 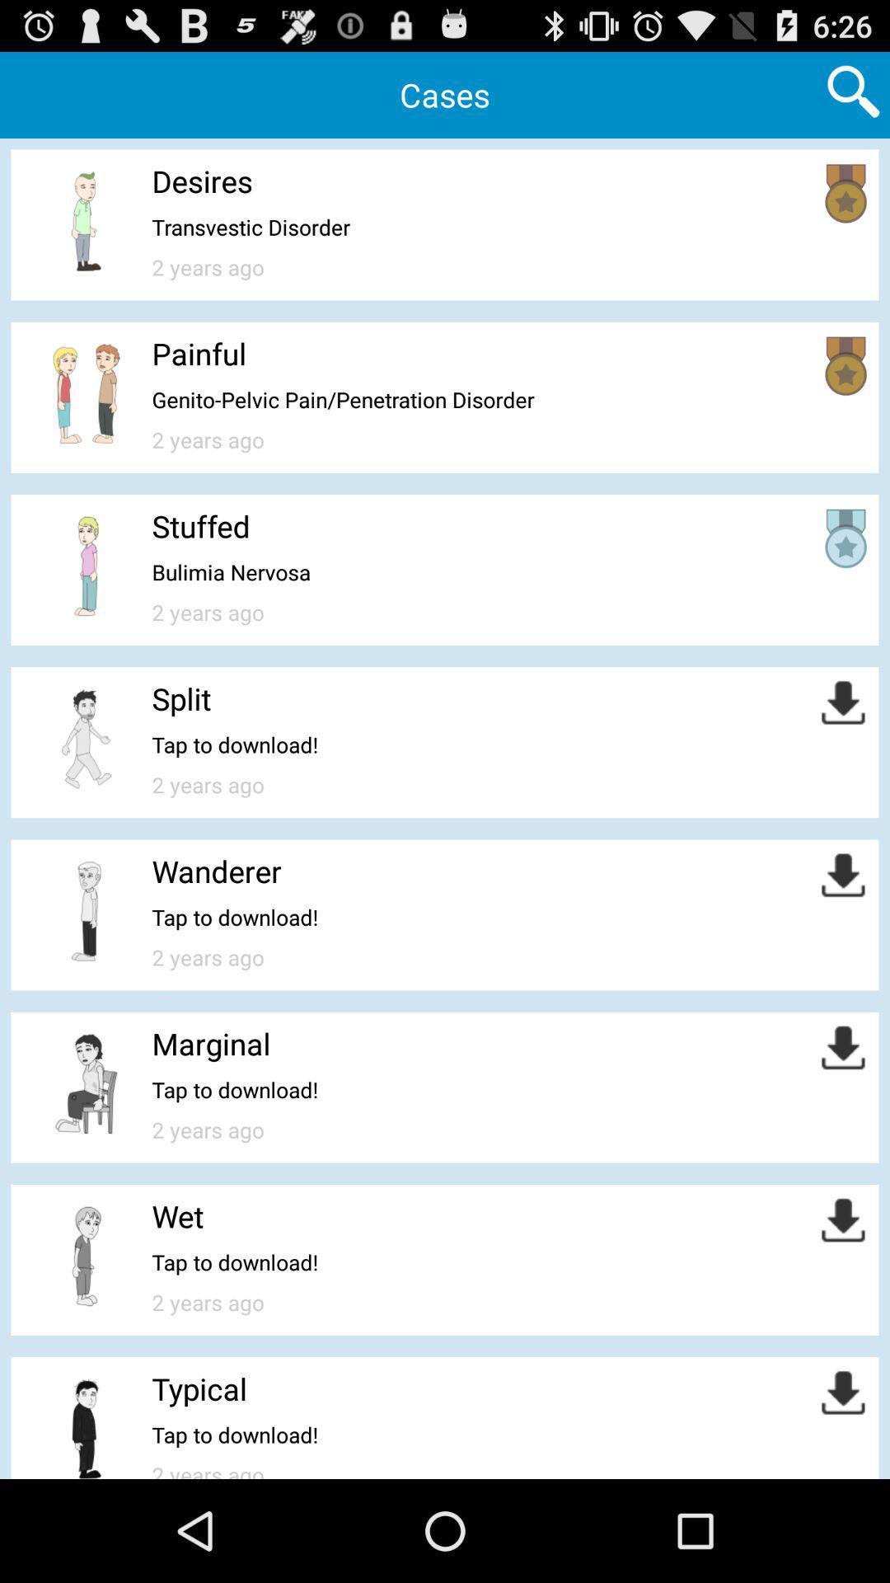 What do you see at coordinates (342, 399) in the screenshot?
I see `the app above 2 years ago item` at bounding box center [342, 399].